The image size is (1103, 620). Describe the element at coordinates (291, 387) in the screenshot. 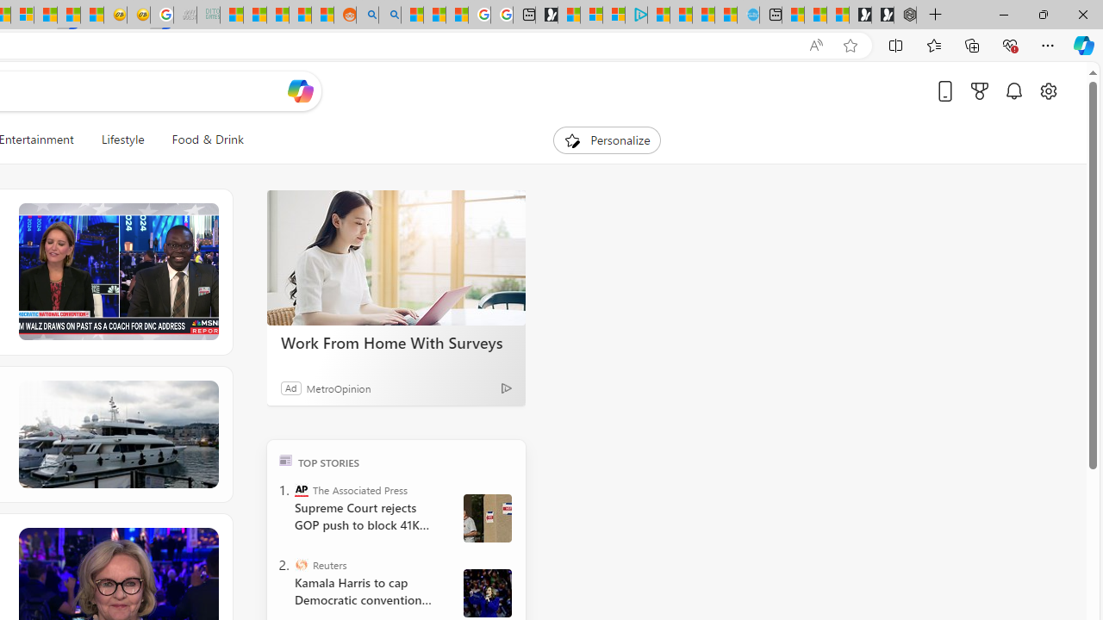

I see `'Ad'` at that location.